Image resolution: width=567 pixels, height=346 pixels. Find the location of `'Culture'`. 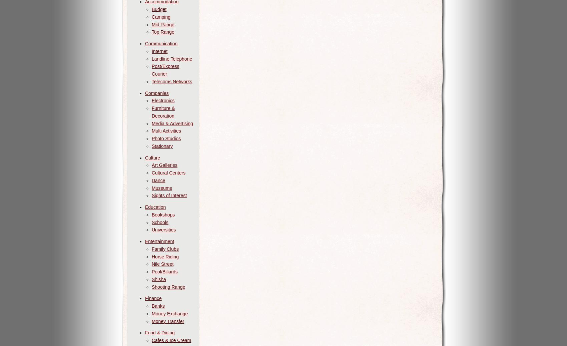

'Culture' is located at coordinates (145, 157).